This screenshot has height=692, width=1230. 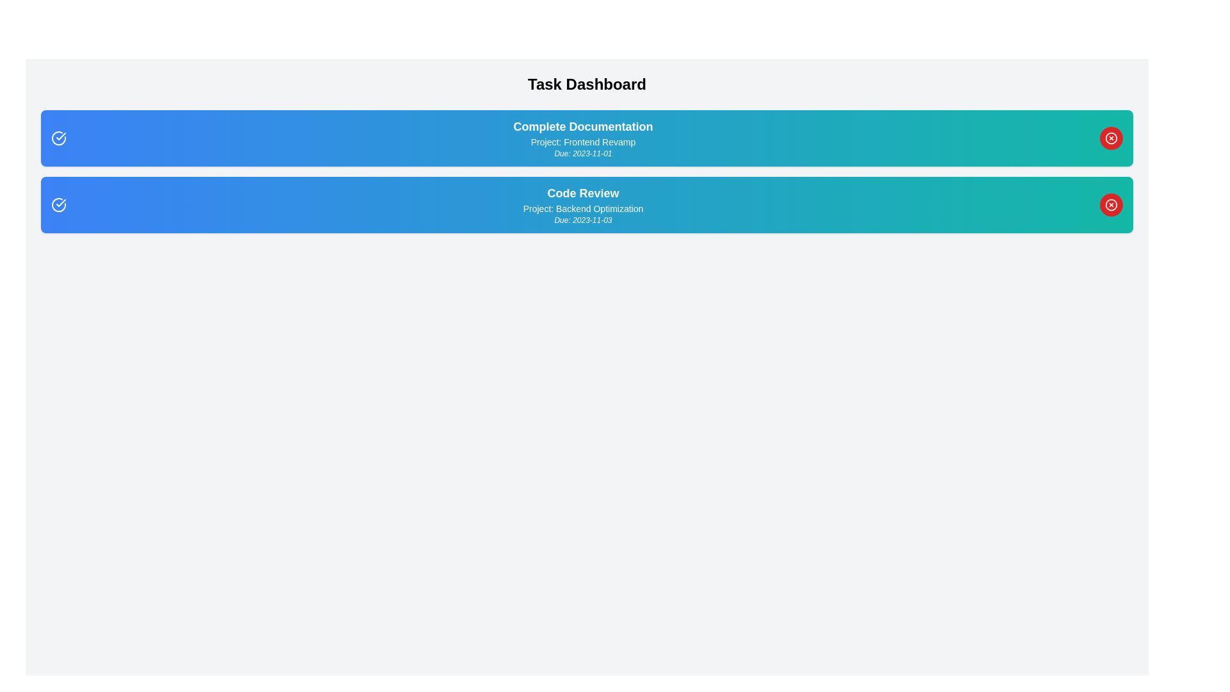 I want to click on the delete button for the task titled Complete Documentation, so click(x=1110, y=138).